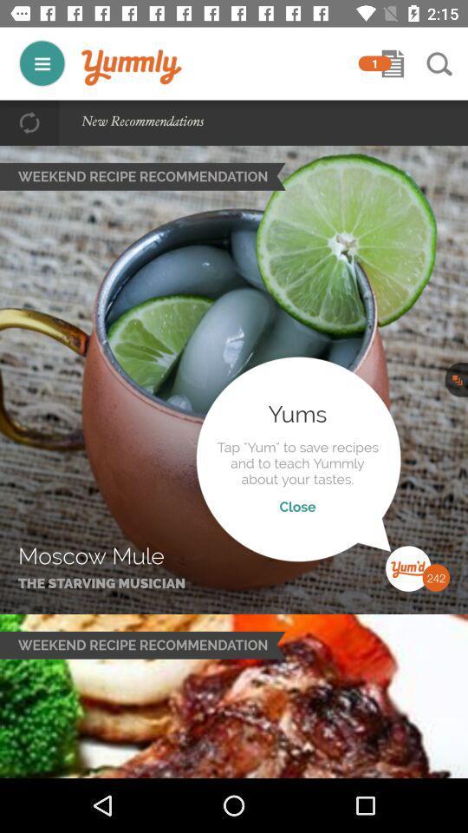 The width and height of the screenshot is (468, 833). I want to click on note or article, so click(393, 63).